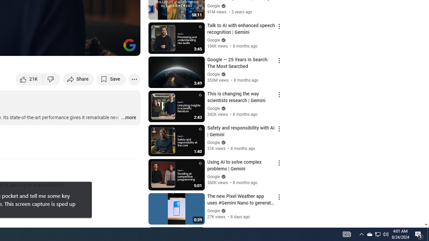 This screenshot has width=429, height=241. Describe the element at coordinates (129, 45) in the screenshot. I see `'Channel watermark'` at that location.